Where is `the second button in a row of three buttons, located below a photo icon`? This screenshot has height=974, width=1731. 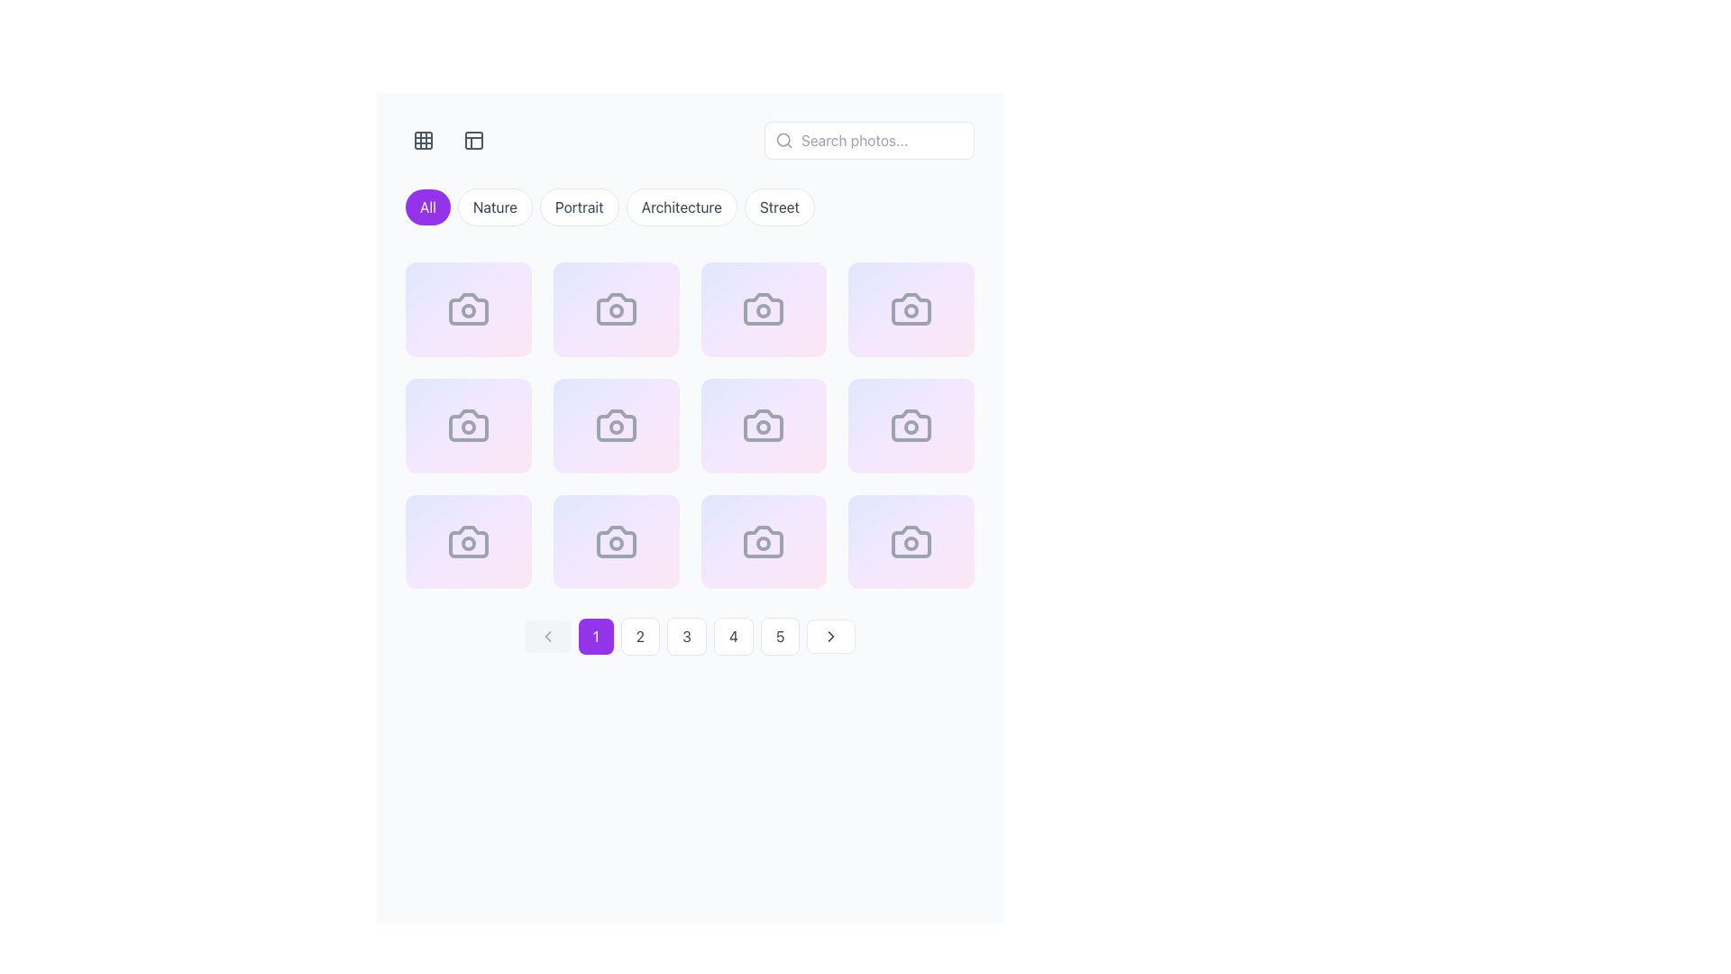 the second button in a row of three buttons, located below a photo icon is located at coordinates (624, 443).